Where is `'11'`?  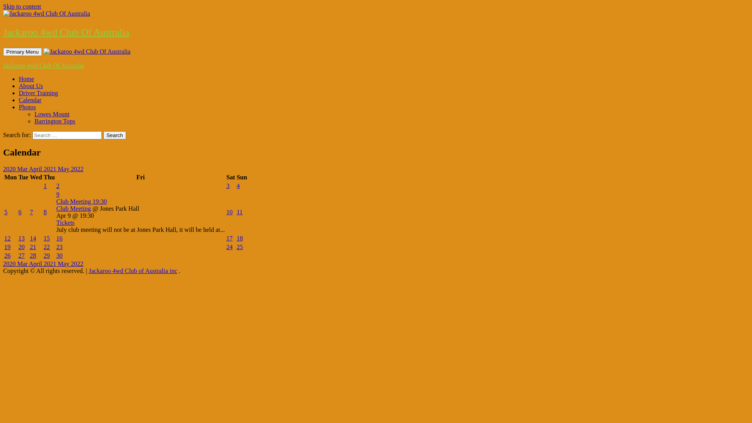
'11' is located at coordinates (239, 212).